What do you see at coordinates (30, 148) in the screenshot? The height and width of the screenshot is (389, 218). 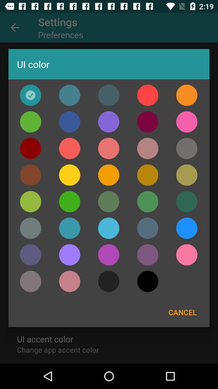 I see `change ui color` at bounding box center [30, 148].